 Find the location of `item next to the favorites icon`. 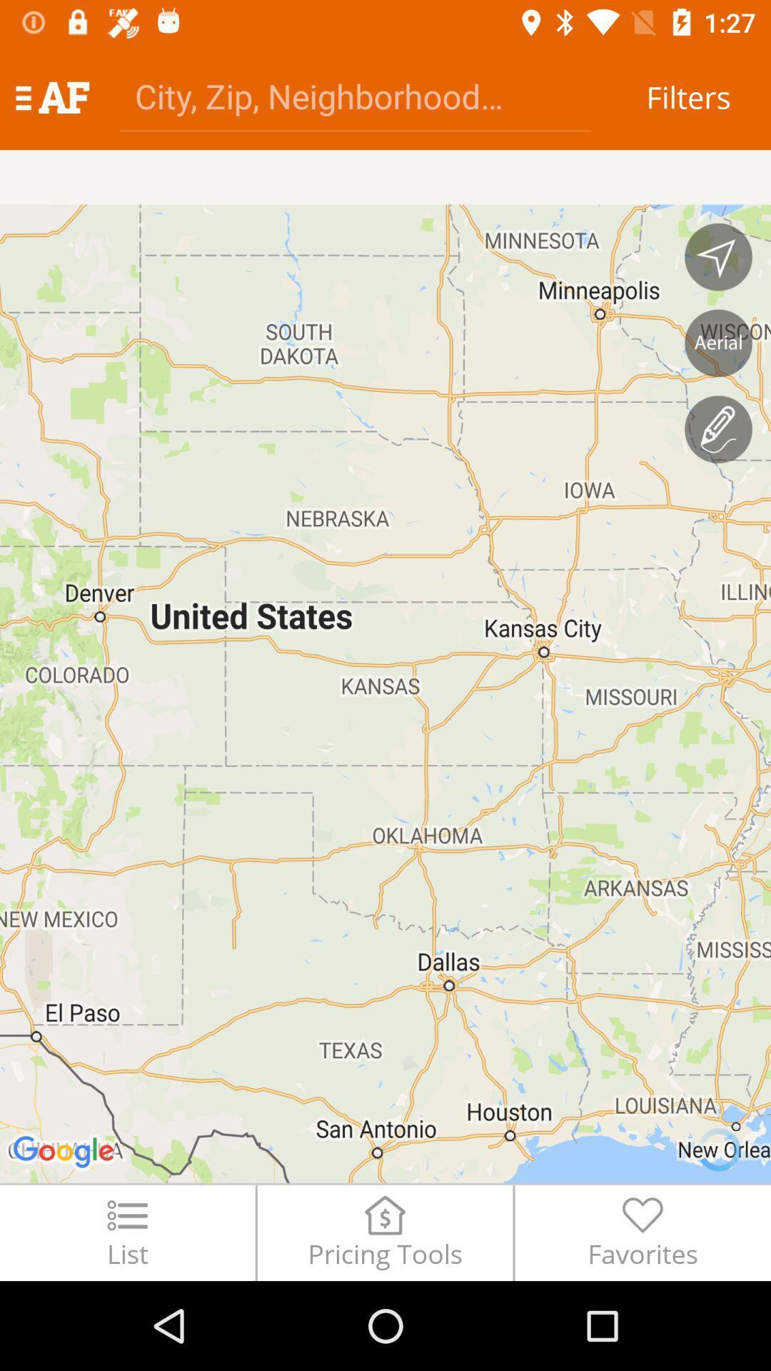

item next to the favorites icon is located at coordinates (384, 1232).